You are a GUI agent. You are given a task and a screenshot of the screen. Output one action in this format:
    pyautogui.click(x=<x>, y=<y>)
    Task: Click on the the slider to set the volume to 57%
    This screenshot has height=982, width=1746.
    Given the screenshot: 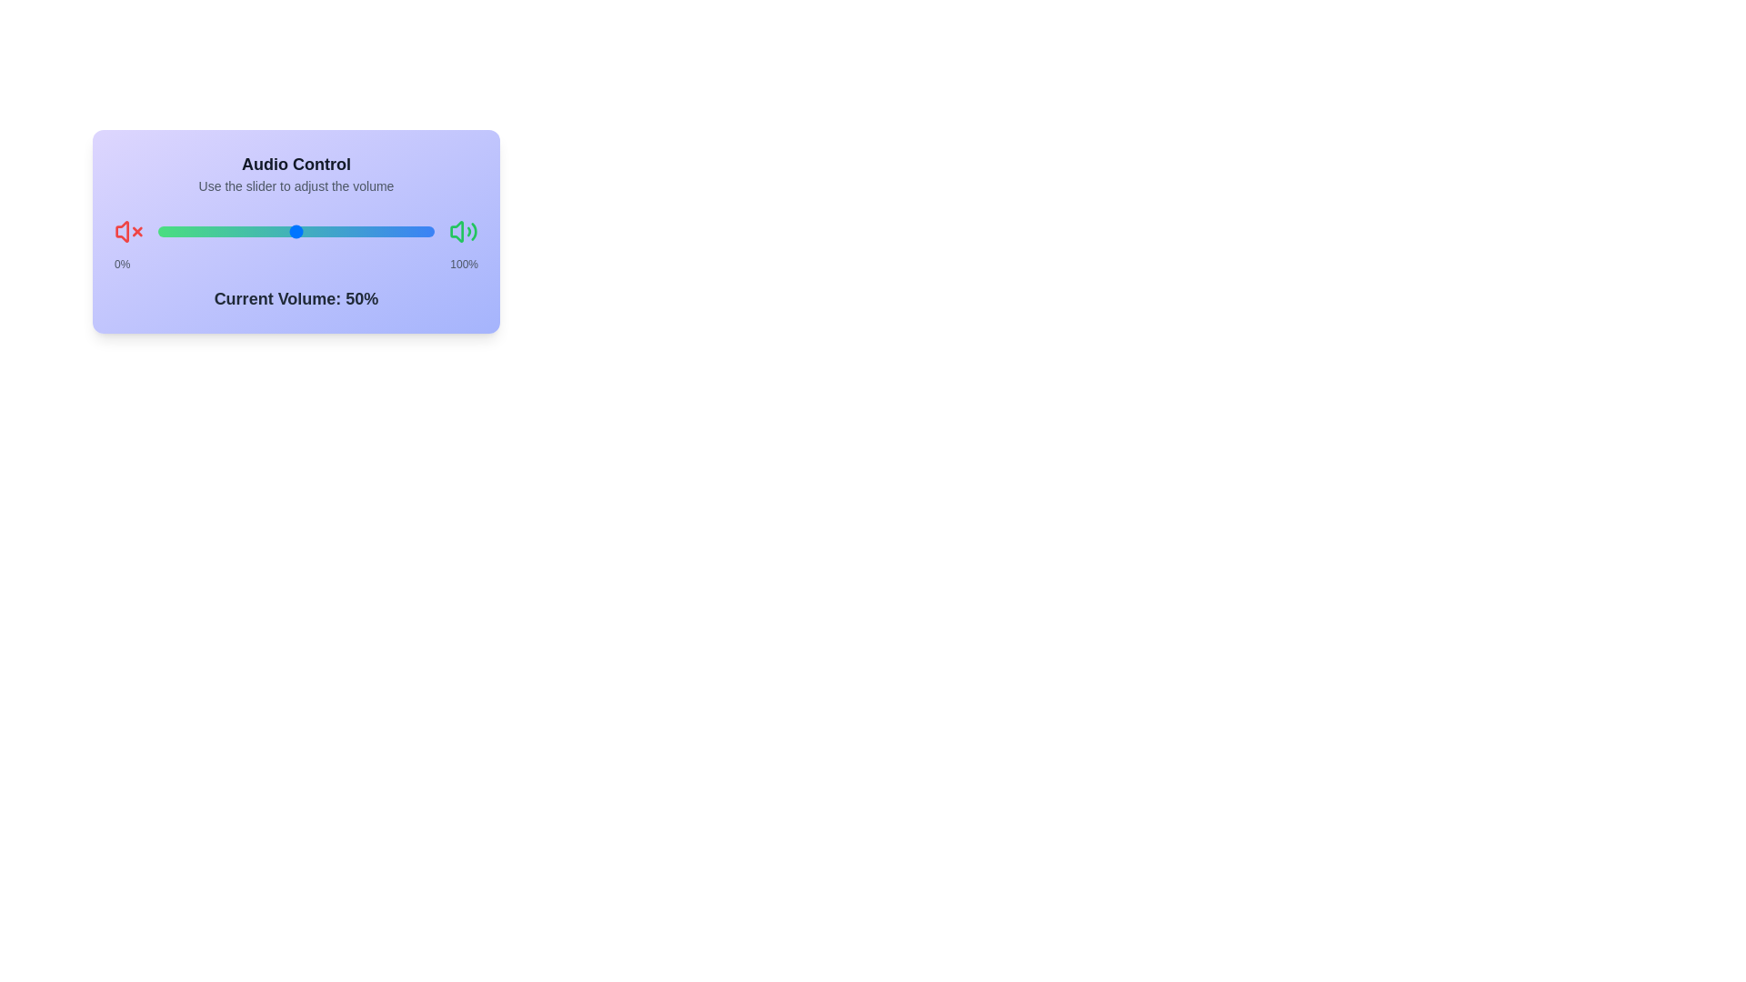 What is the action you would take?
    pyautogui.click(x=157, y=230)
    